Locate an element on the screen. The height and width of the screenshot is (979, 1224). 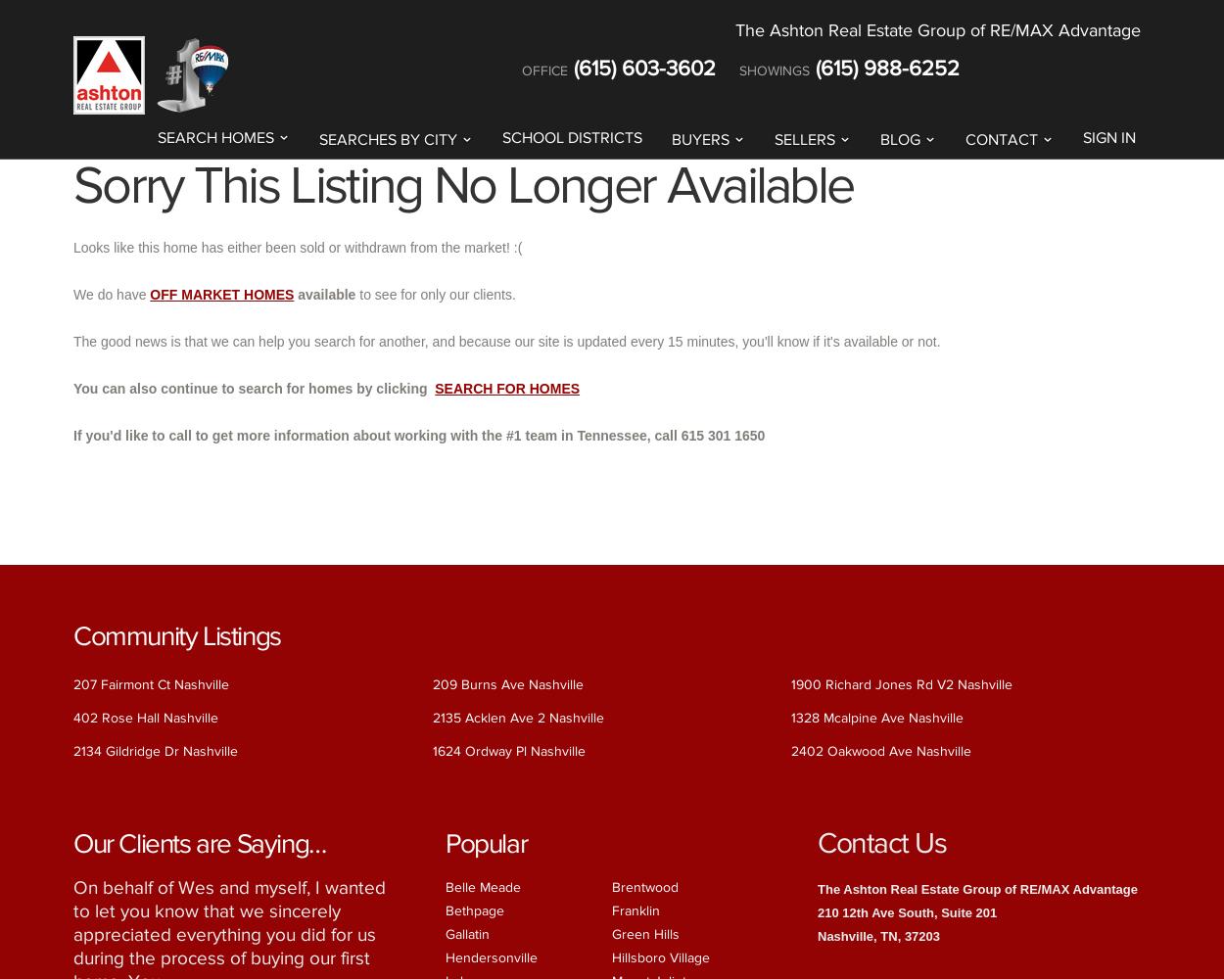
'210 12th Ave South, Suite 201' is located at coordinates (907, 911).